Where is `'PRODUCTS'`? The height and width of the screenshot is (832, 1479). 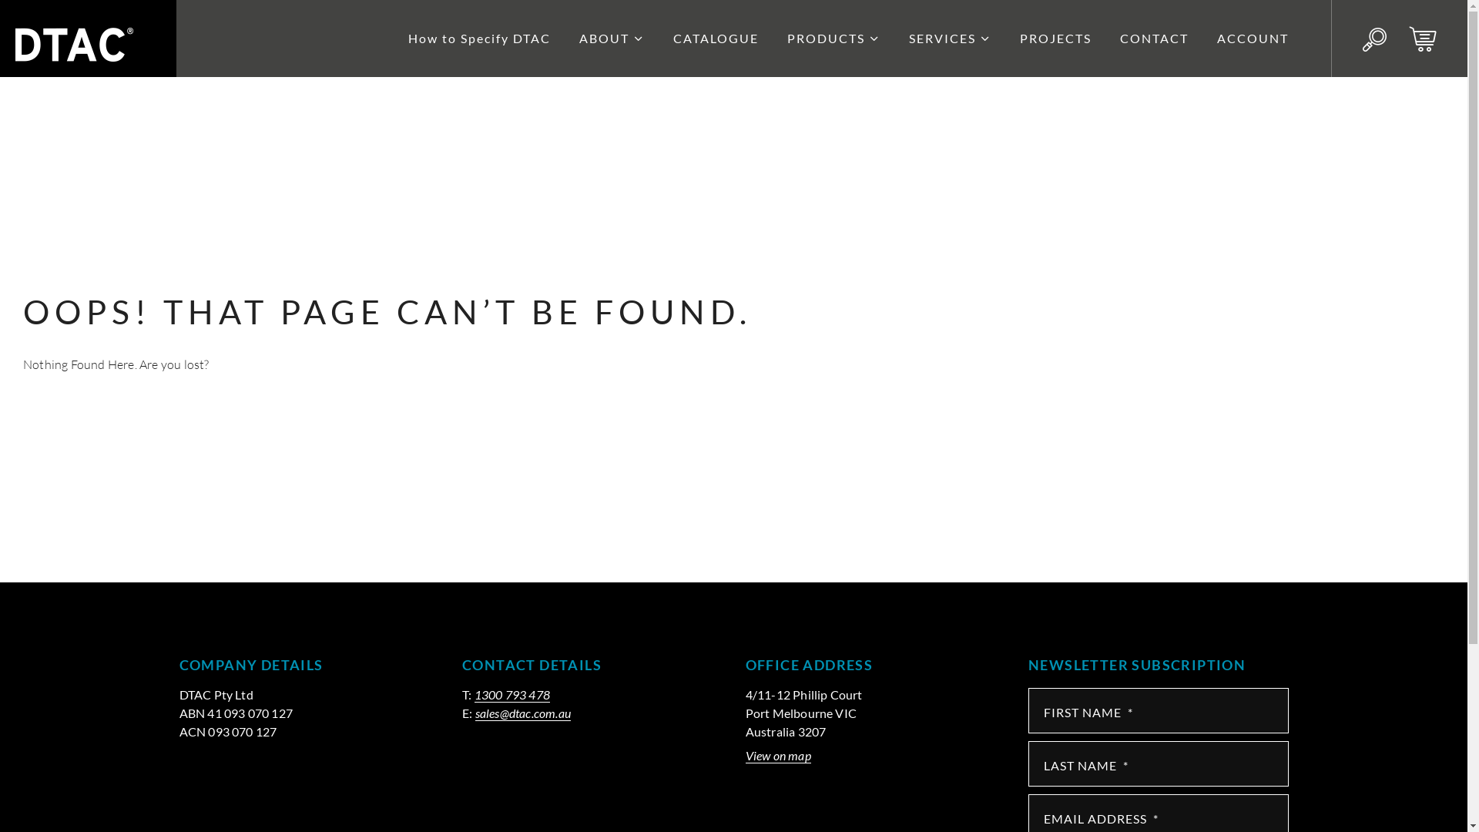 'PRODUCTS' is located at coordinates (825, 37).